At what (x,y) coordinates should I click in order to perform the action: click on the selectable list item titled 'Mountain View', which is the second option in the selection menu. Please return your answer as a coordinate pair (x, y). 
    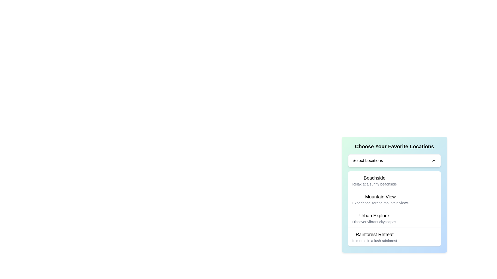
    Looking at the image, I should click on (394, 194).